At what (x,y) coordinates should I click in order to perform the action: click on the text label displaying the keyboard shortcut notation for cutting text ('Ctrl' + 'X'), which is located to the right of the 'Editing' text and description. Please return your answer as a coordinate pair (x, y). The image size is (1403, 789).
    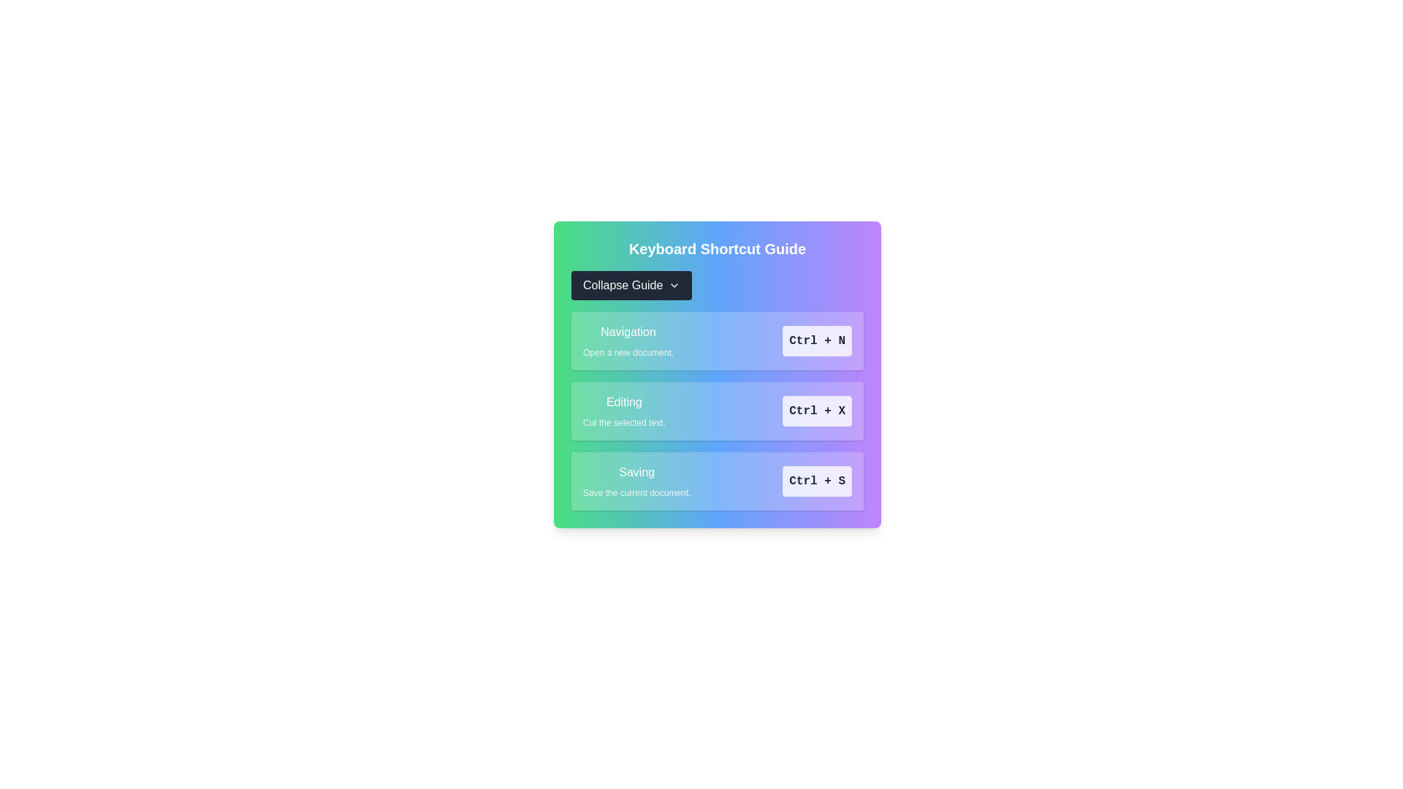
    Looking at the image, I should click on (816, 411).